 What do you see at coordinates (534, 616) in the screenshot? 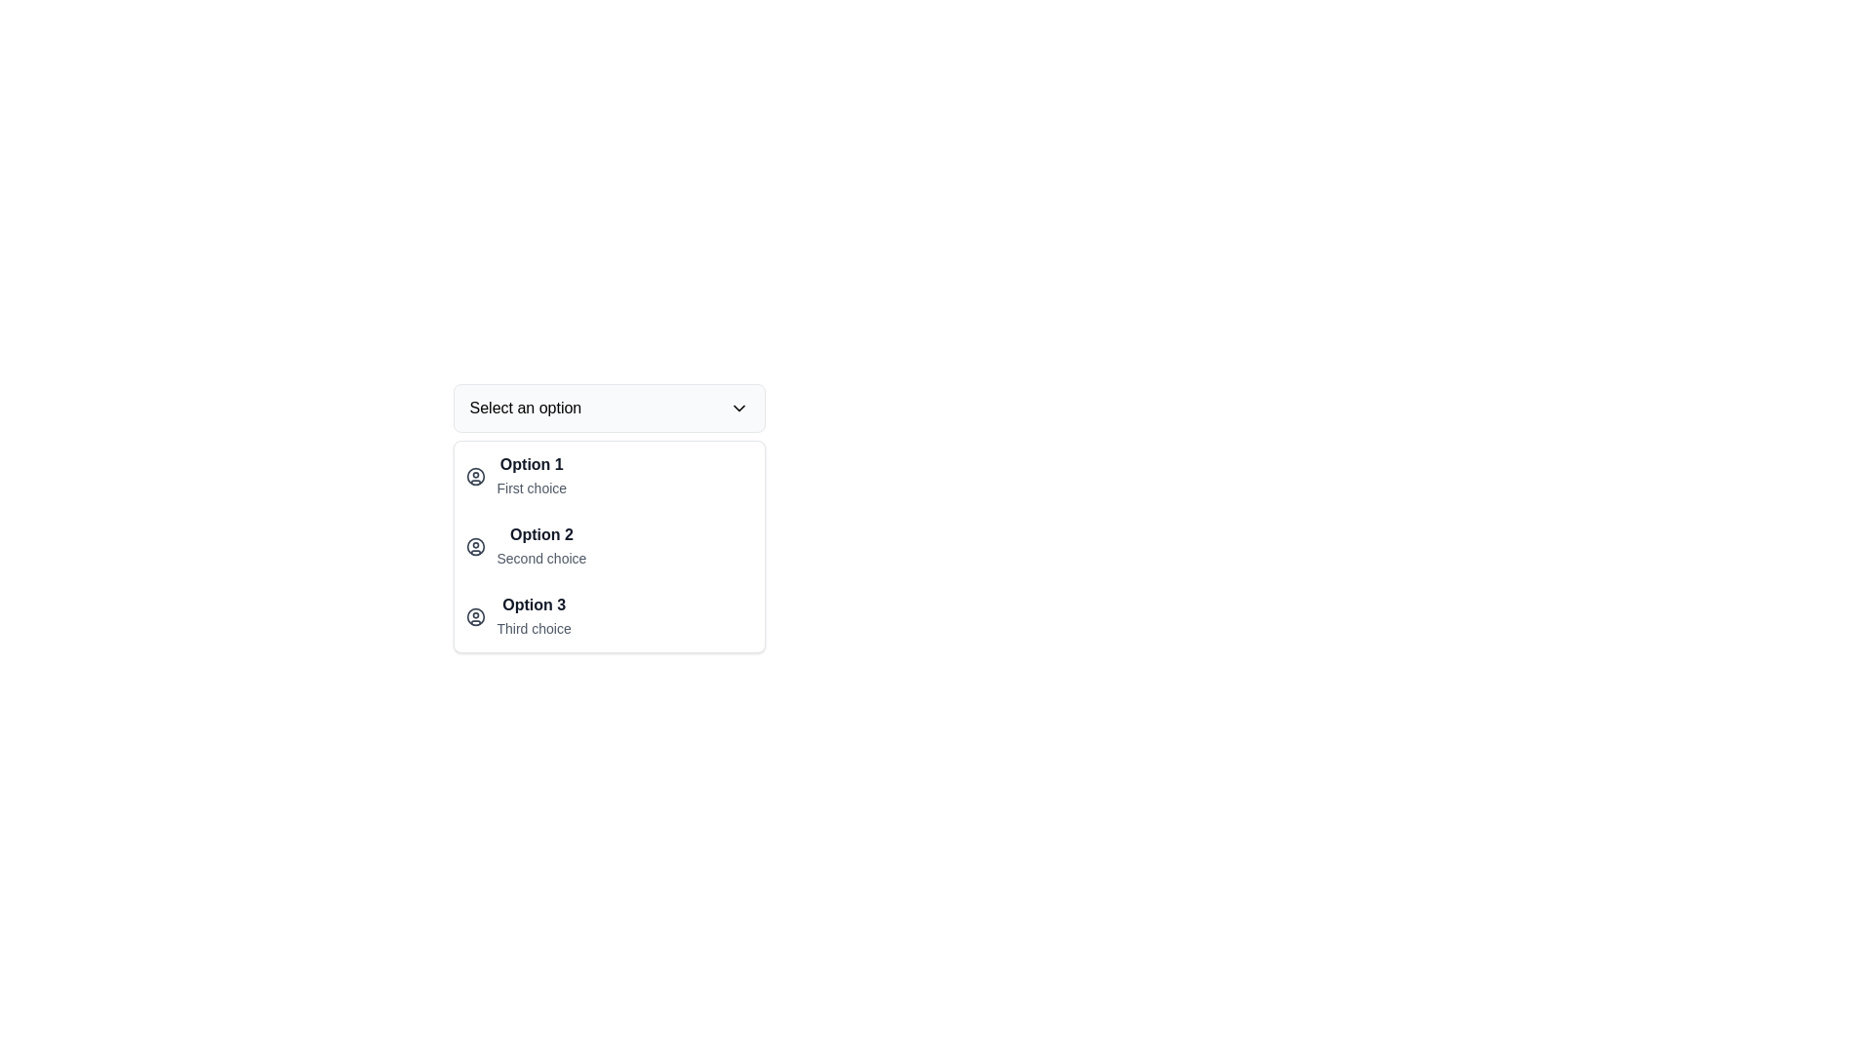
I see `the text label displaying 'Option 3' in bold and 'Third choice' underneath it, which is the third option in a vertical list of choices` at bounding box center [534, 616].